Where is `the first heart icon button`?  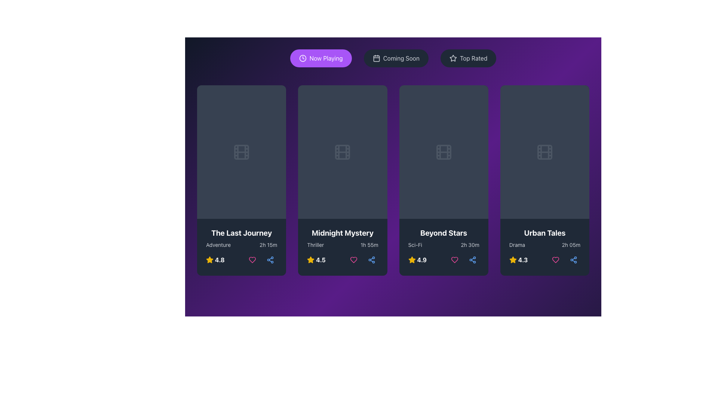 the first heart icon button is located at coordinates (252, 260).